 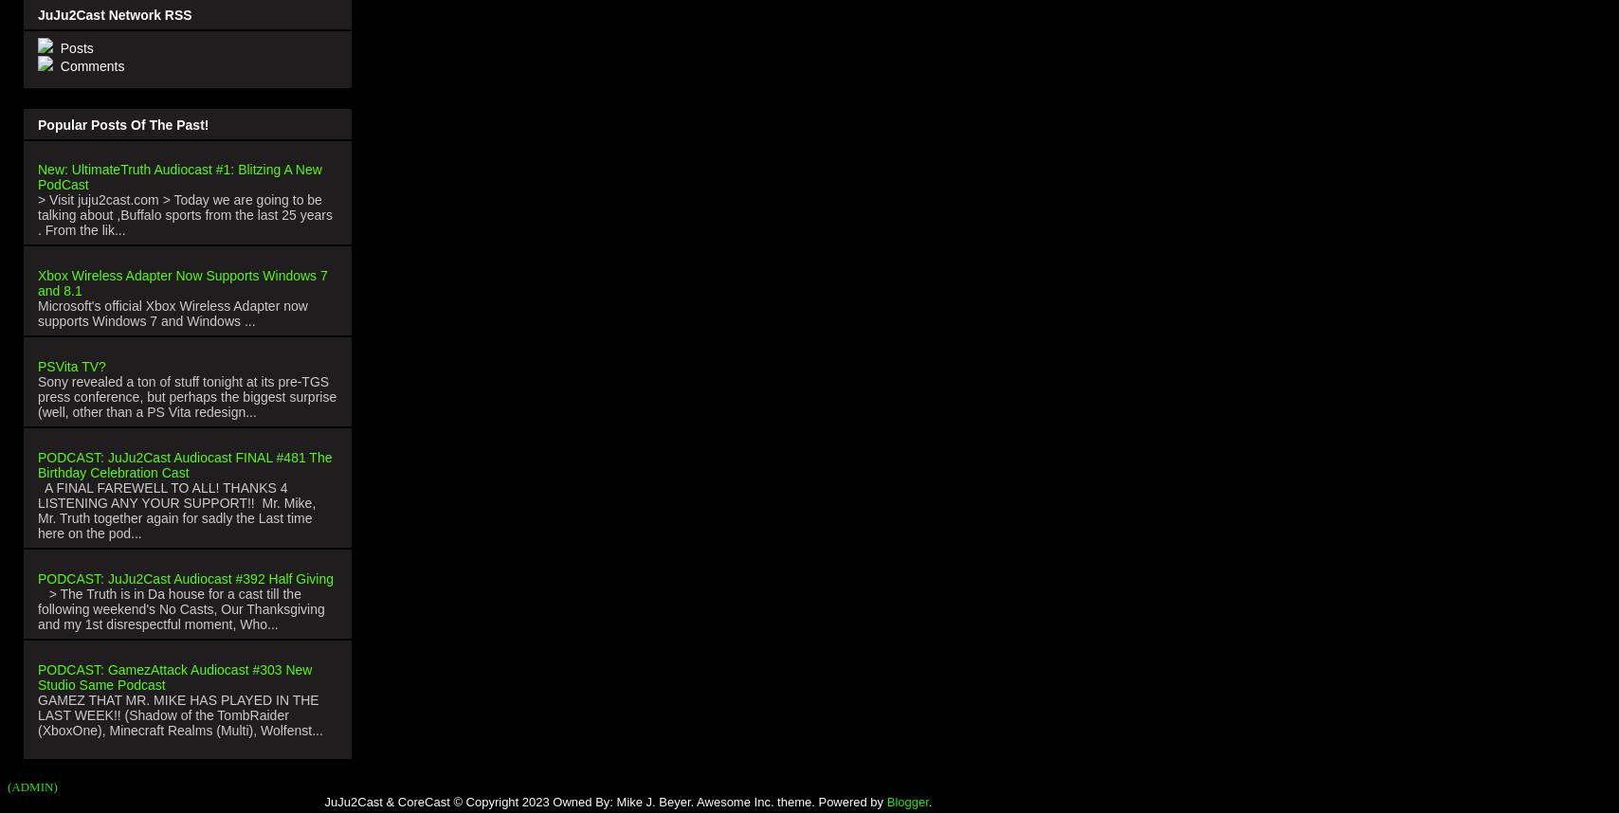 I want to click on 'A FINAL FAREWELL TO ALL! THANKS 4 LISTENING ANY YOUR SUPPORT!!  Mr. Mike, Mr. Truth together again for sadly the Last time here on the pod...', so click(x=37, y=509).